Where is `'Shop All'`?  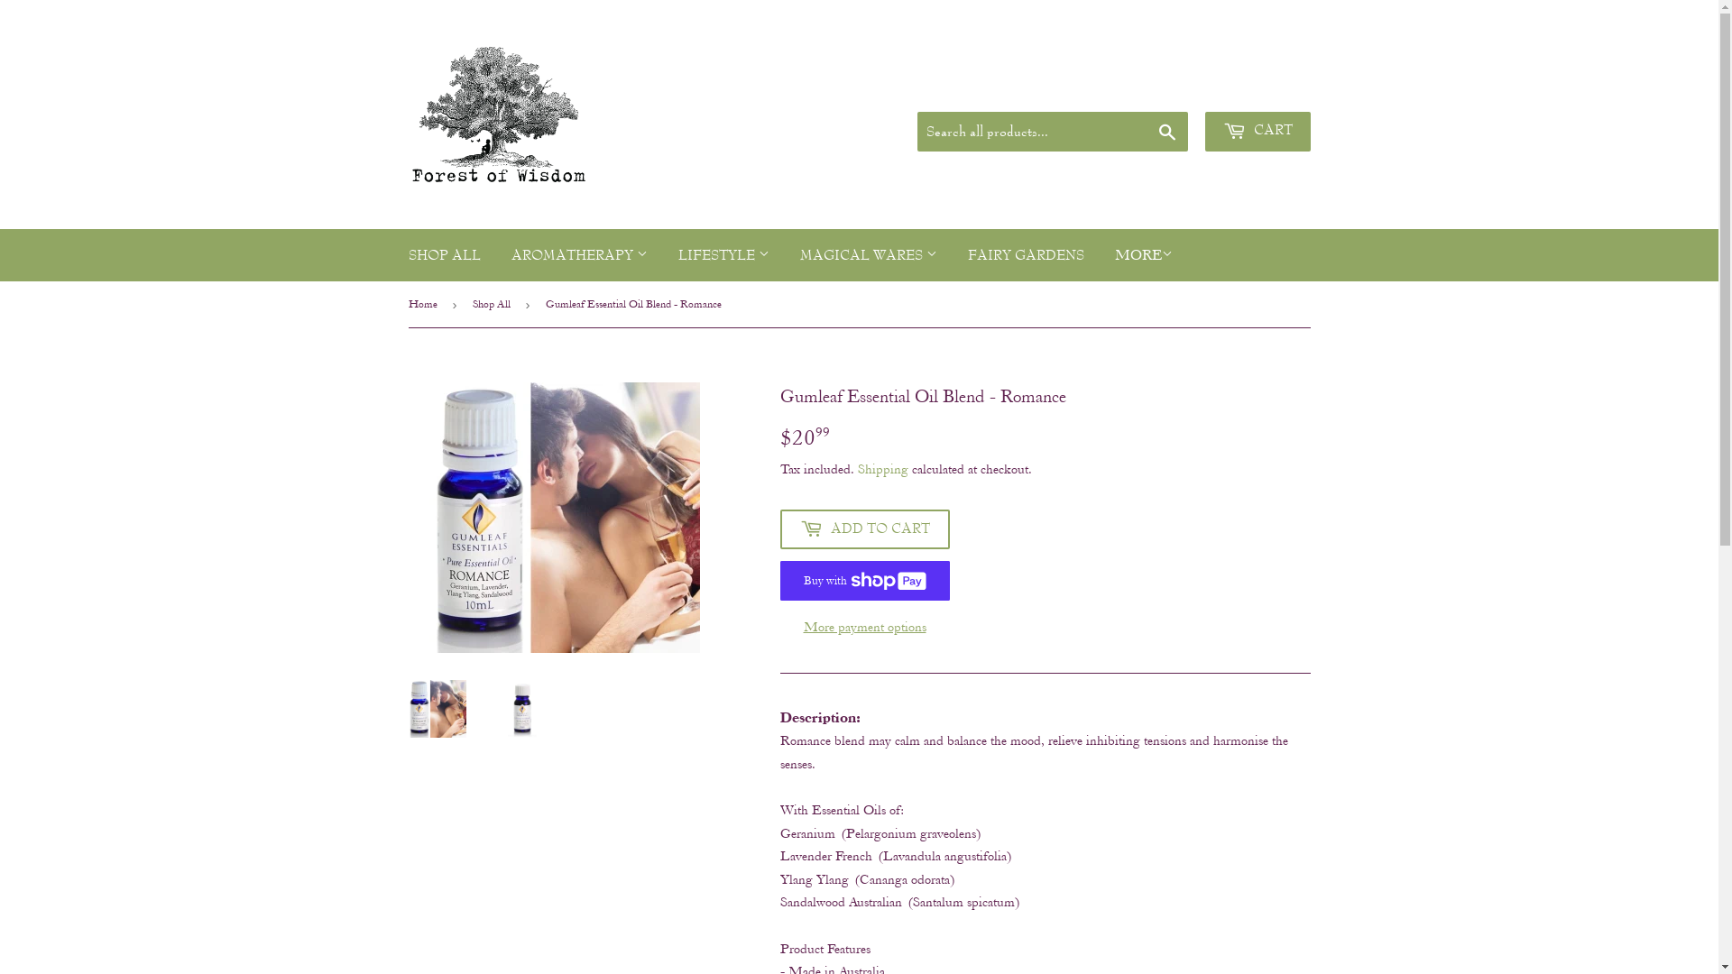 'Shop All' is located at coordinates (472, 303).